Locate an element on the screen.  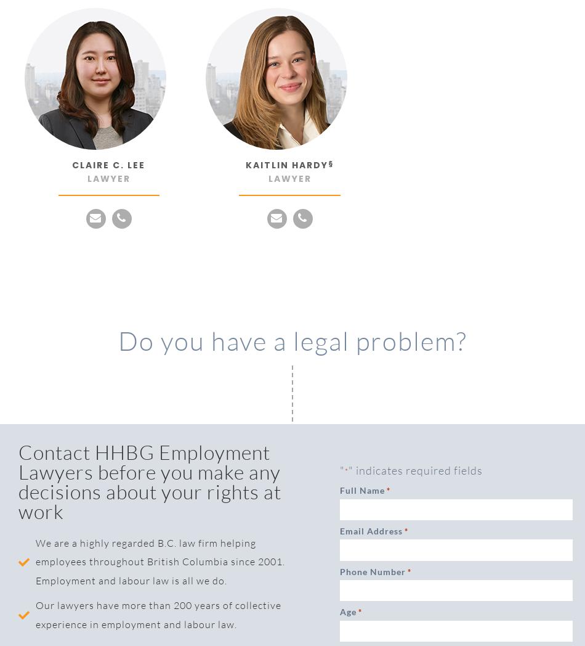
'Our lawyers have more than 200 years of collective experience in employment and labour law.' is located at coordinates (157, 614).